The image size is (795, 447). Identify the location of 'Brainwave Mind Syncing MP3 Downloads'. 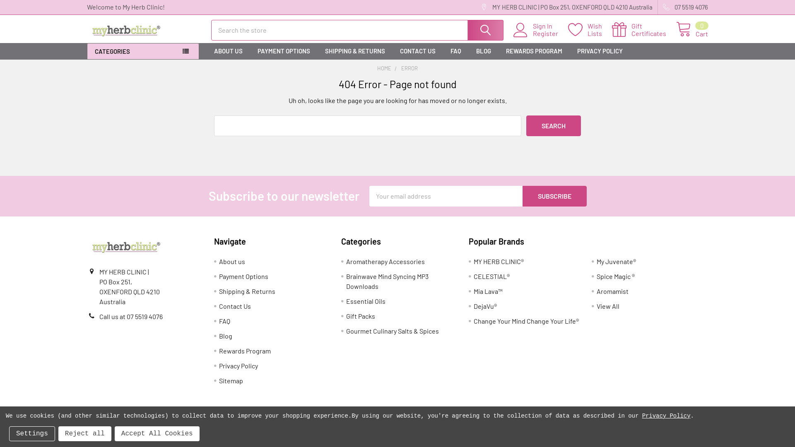
(387, 281).